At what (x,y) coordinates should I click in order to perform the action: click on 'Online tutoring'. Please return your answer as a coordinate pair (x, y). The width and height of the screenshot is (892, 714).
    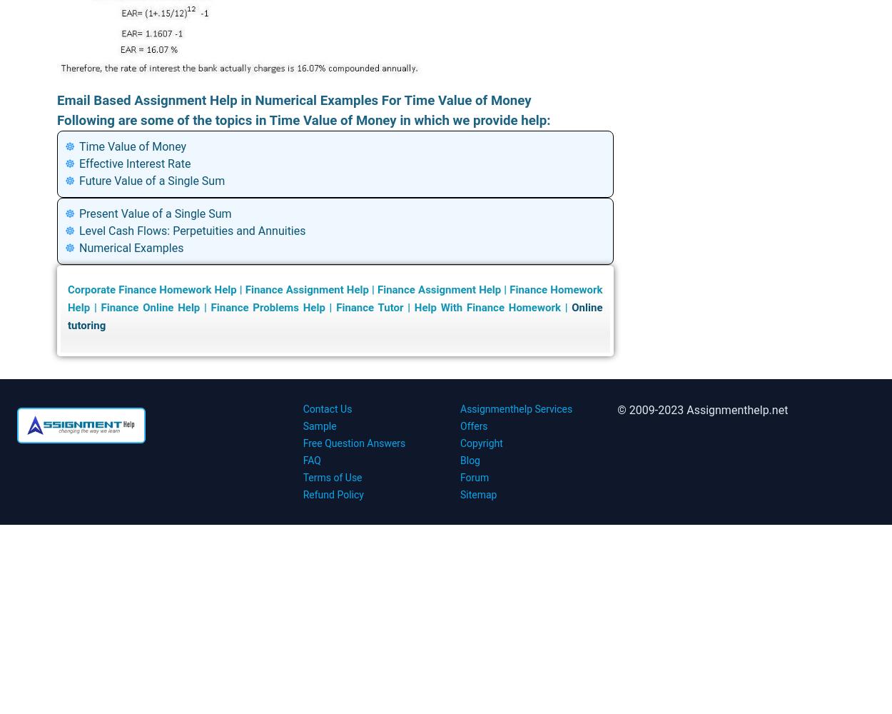
    Looking at the image, I should click on (334, 316).